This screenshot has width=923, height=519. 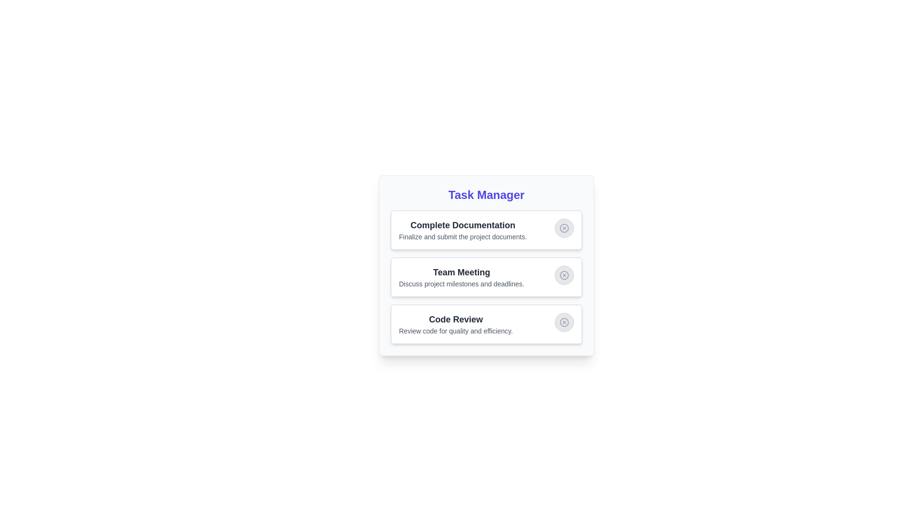 What do you see at coordinates (564, 228) in the screenshot?
I see `the toggle button for task Complete Documentation to mark it as complete or incomplete` at bounding box center [564, 228].